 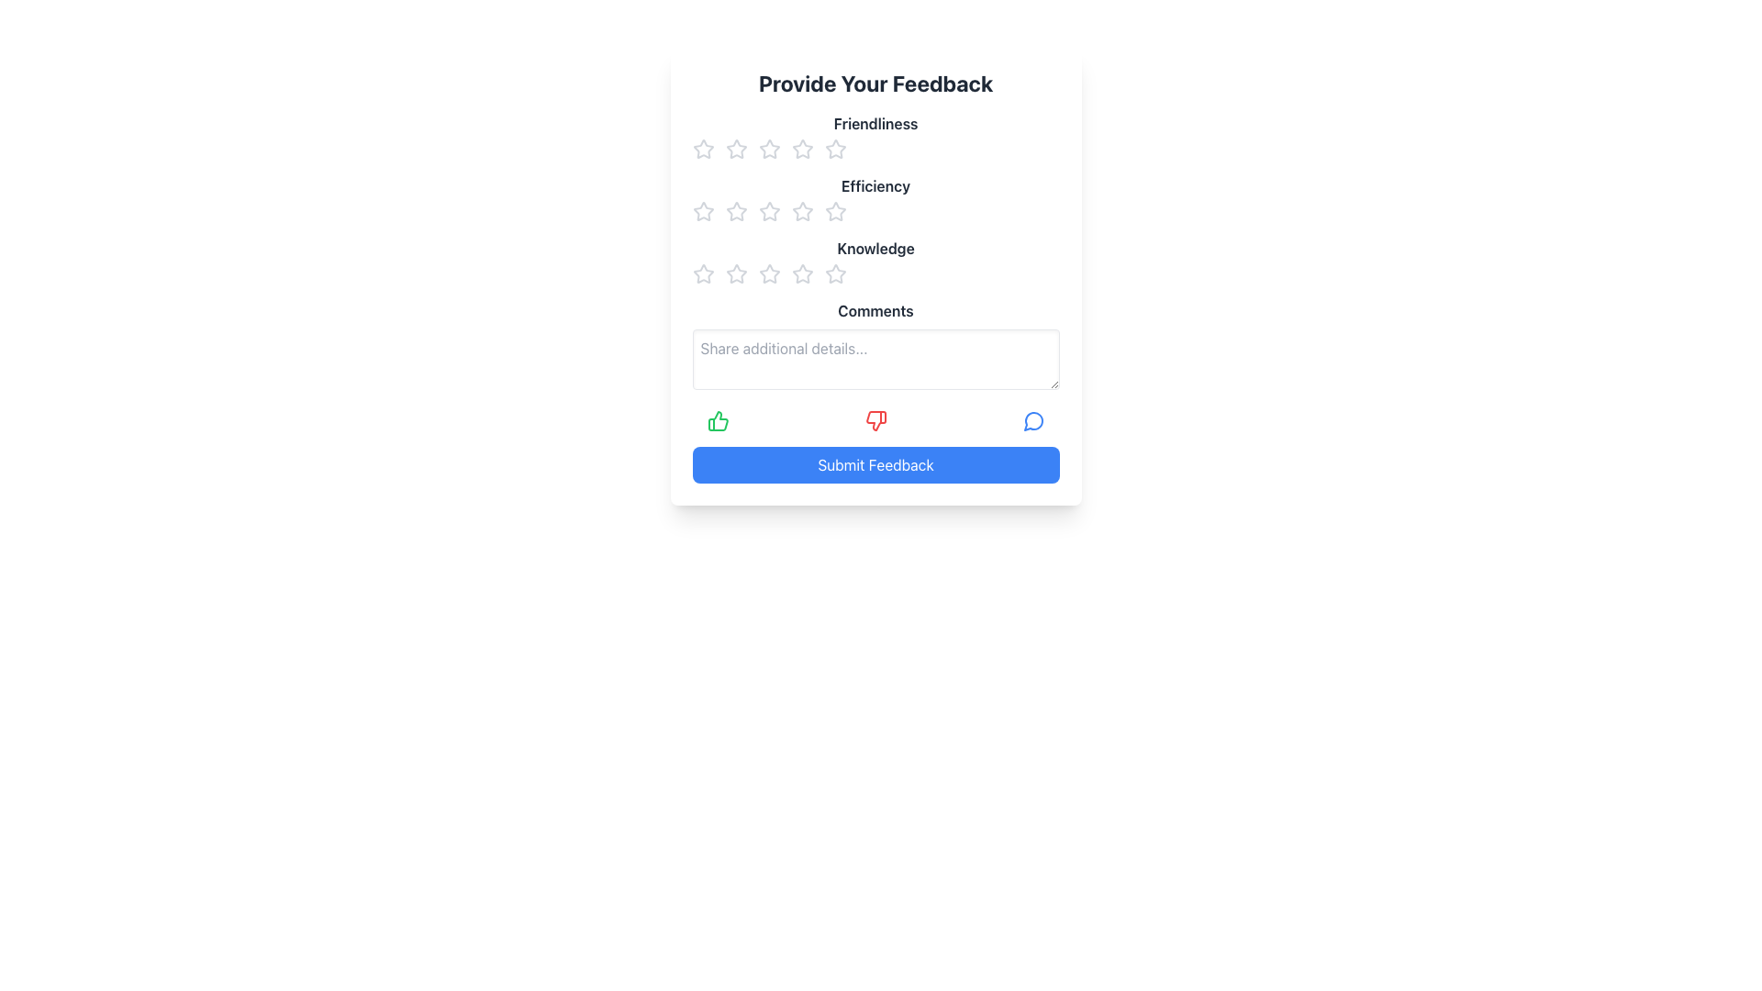 I want to click on the third star in the horizontal row of five representing the 'Friendliness' feedback category, so click(x=802, y=148).